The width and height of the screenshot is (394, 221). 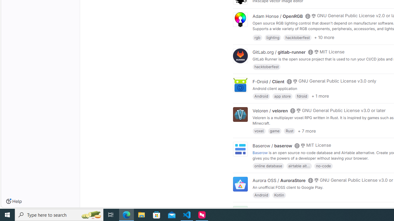 What do you see at coordinates (257, 37) in the screenshot?
I see `'rgb'` at bounding box center [257, 37].